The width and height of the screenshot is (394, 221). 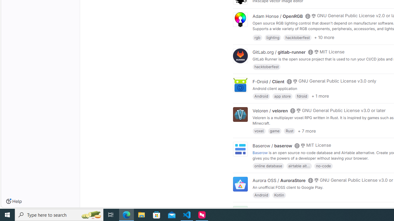 What do you see at coordinates (257, 37) in the screenshot?
I see `'rgb'` at bounding box center [257, 37].